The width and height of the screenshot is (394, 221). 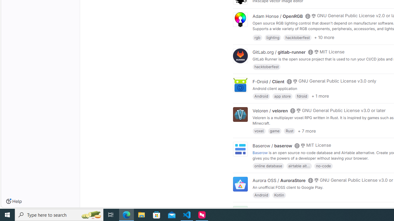 What do you see at coordinates (257, 37) in the screenshot?
I see `'rgb'` at bounding box center [257, 37].